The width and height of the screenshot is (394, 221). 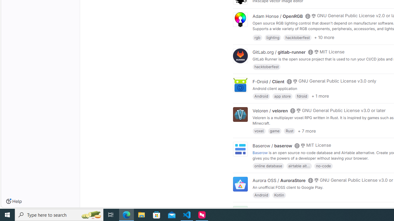 What do you see at coordinates (257, 37) in the screenshot?
I see `'rgb'` at bounding box center [257, 37].